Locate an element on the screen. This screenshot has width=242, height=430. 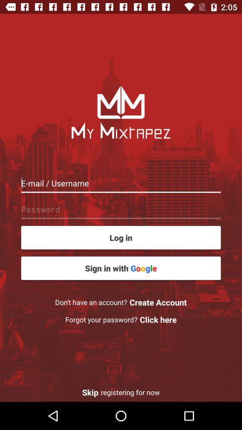
provided field to enter password is located at coordinates (121, 209).